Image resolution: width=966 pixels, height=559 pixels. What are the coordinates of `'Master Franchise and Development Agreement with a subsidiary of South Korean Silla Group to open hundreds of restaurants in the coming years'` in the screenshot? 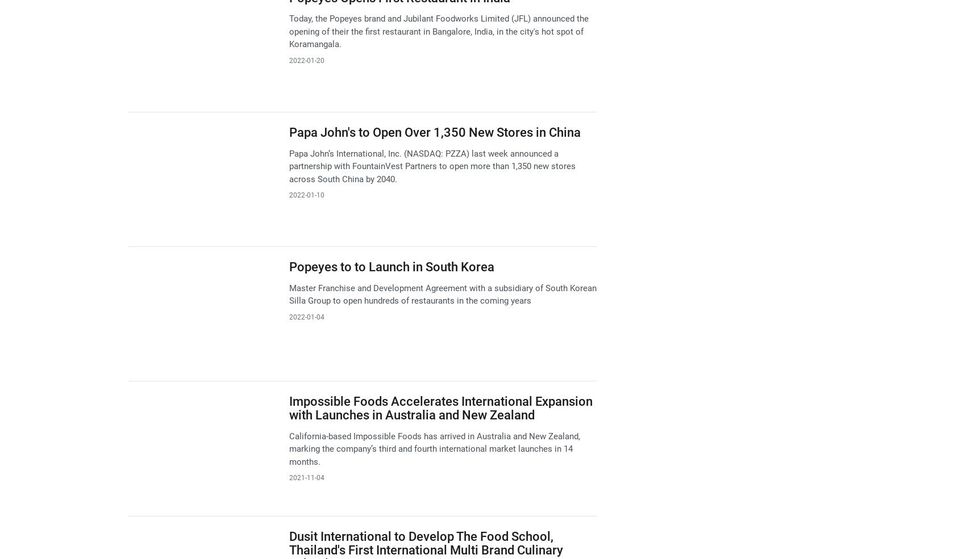 It's located at (288, 294).